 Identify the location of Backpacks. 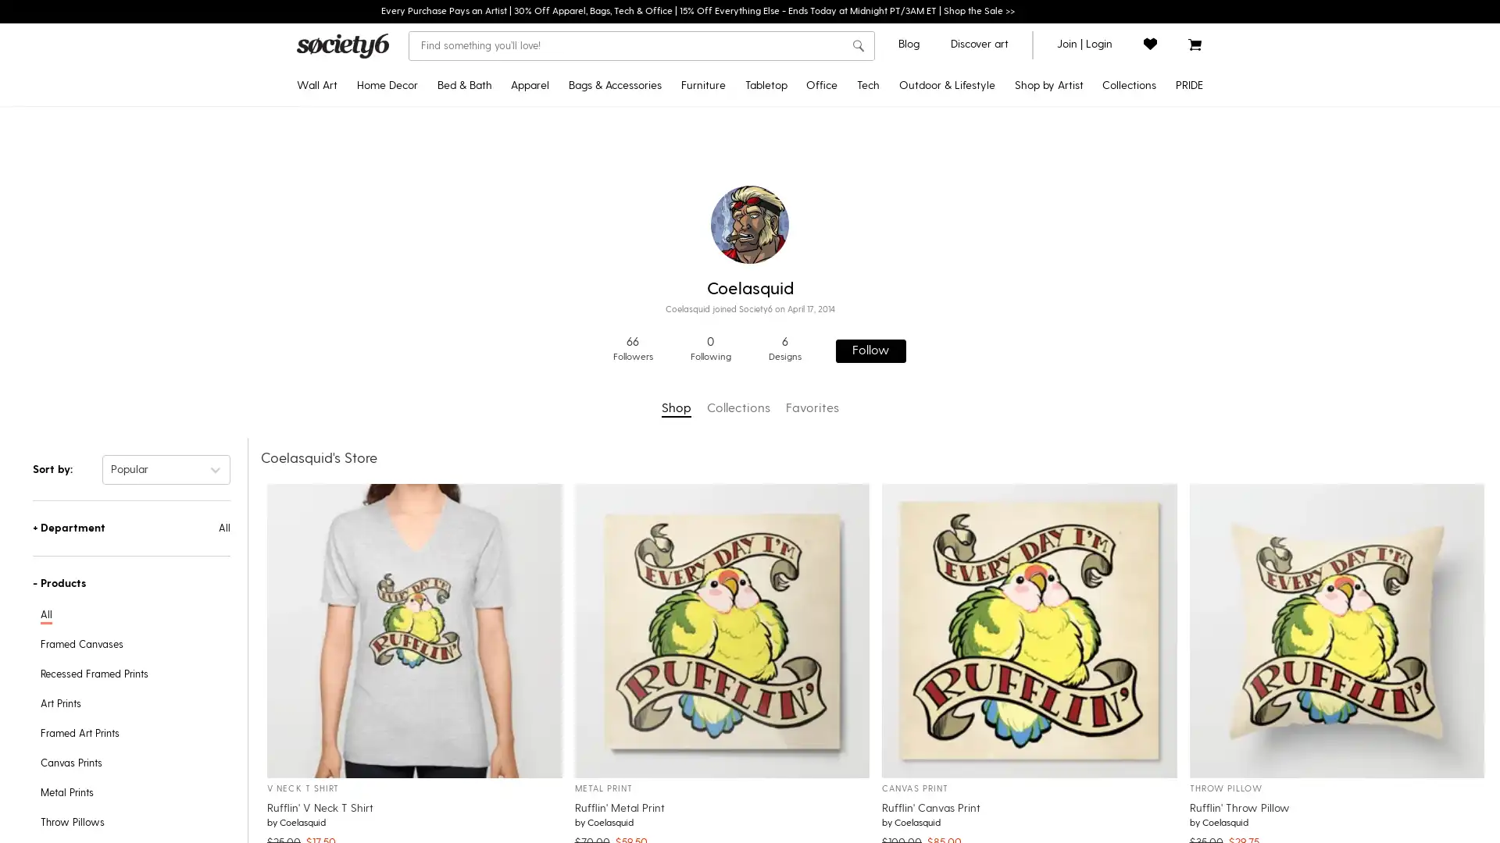
(626, 175).